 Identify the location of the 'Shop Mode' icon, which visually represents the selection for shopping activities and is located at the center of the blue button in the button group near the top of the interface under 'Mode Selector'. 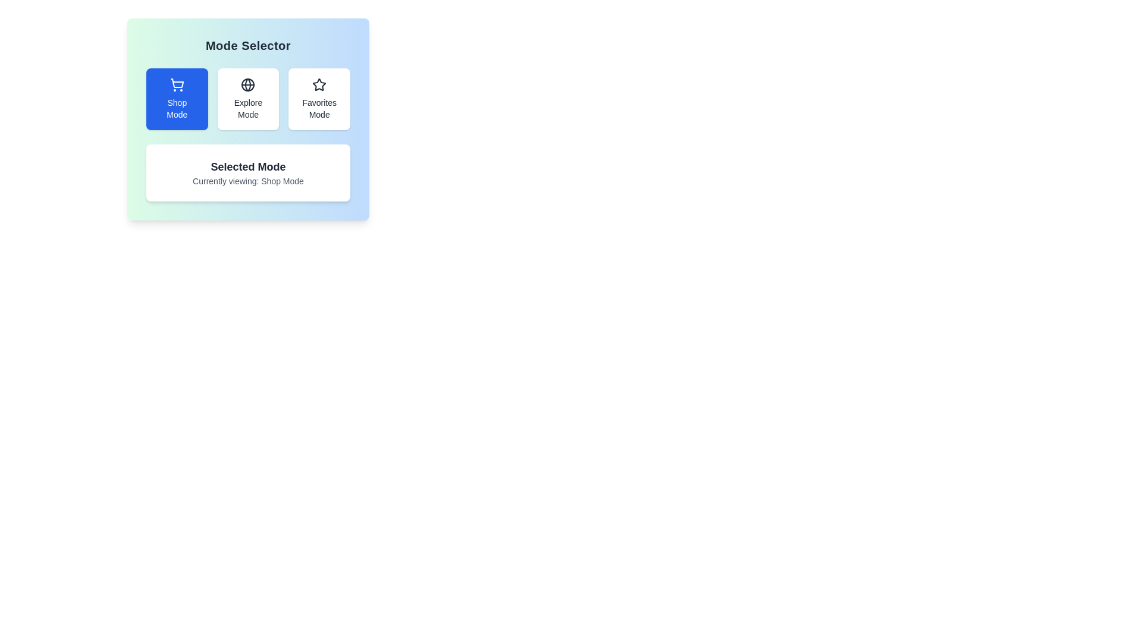
(176, 84).